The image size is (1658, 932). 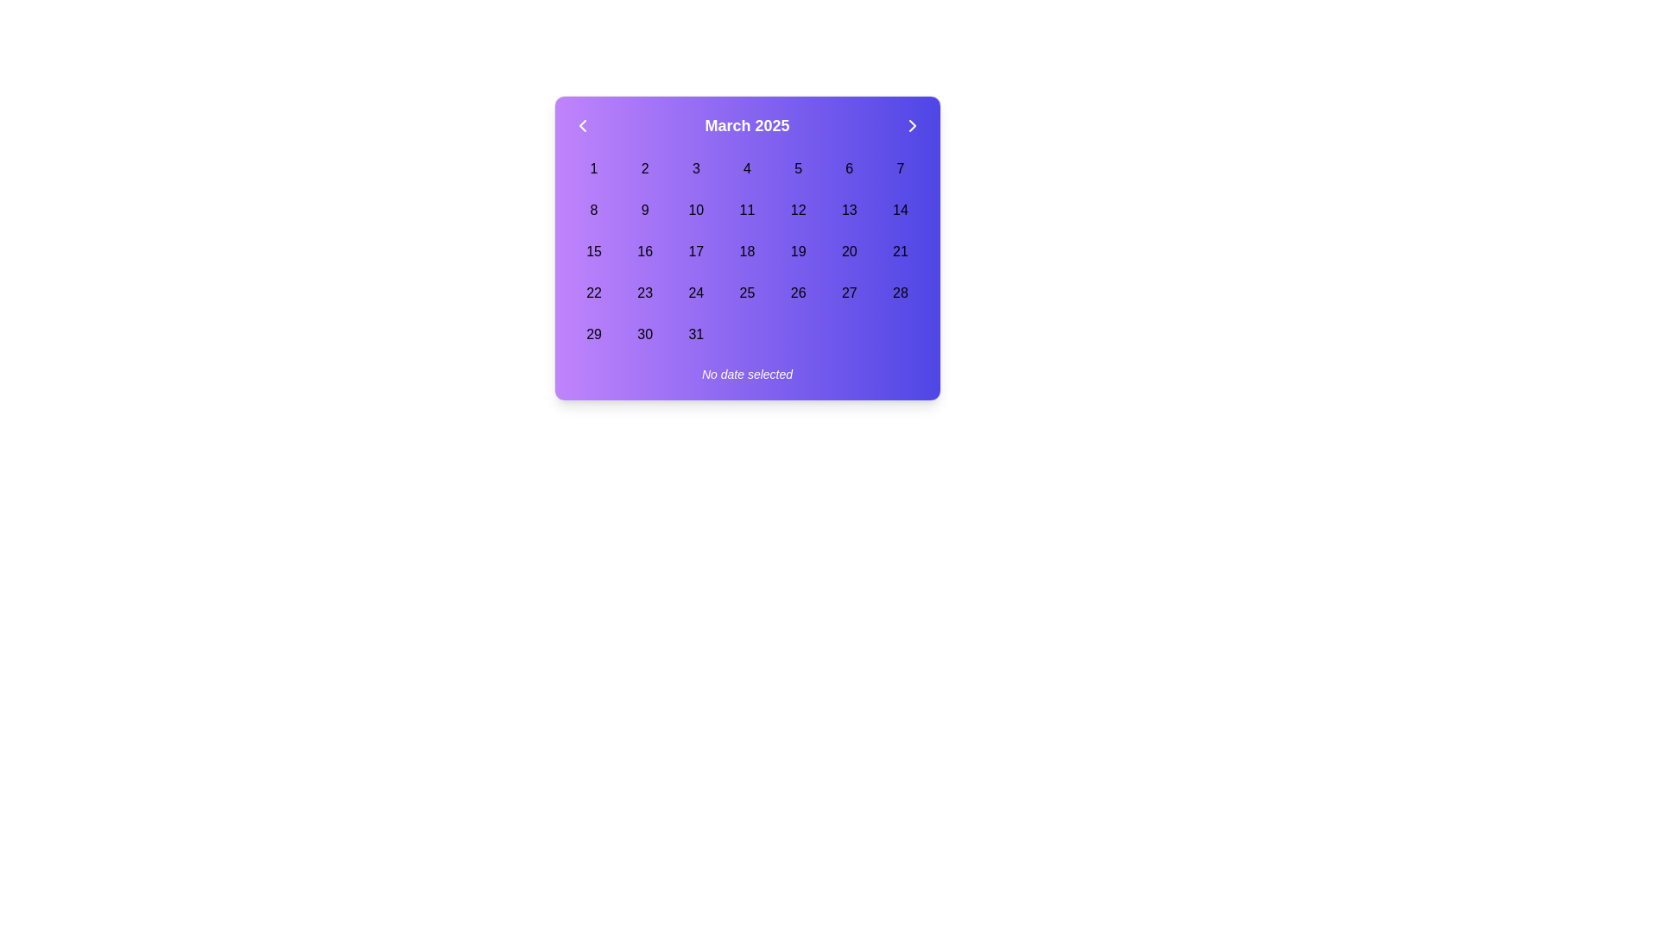 What do you see at coordinates (747, 125) in the screenshot?
I see `text content of the Text Label displaying the currently selected month and year in the calendar widget, which is located at the top of the calendar widget, centered between two arrow icons` at bounding box center [747, 125].